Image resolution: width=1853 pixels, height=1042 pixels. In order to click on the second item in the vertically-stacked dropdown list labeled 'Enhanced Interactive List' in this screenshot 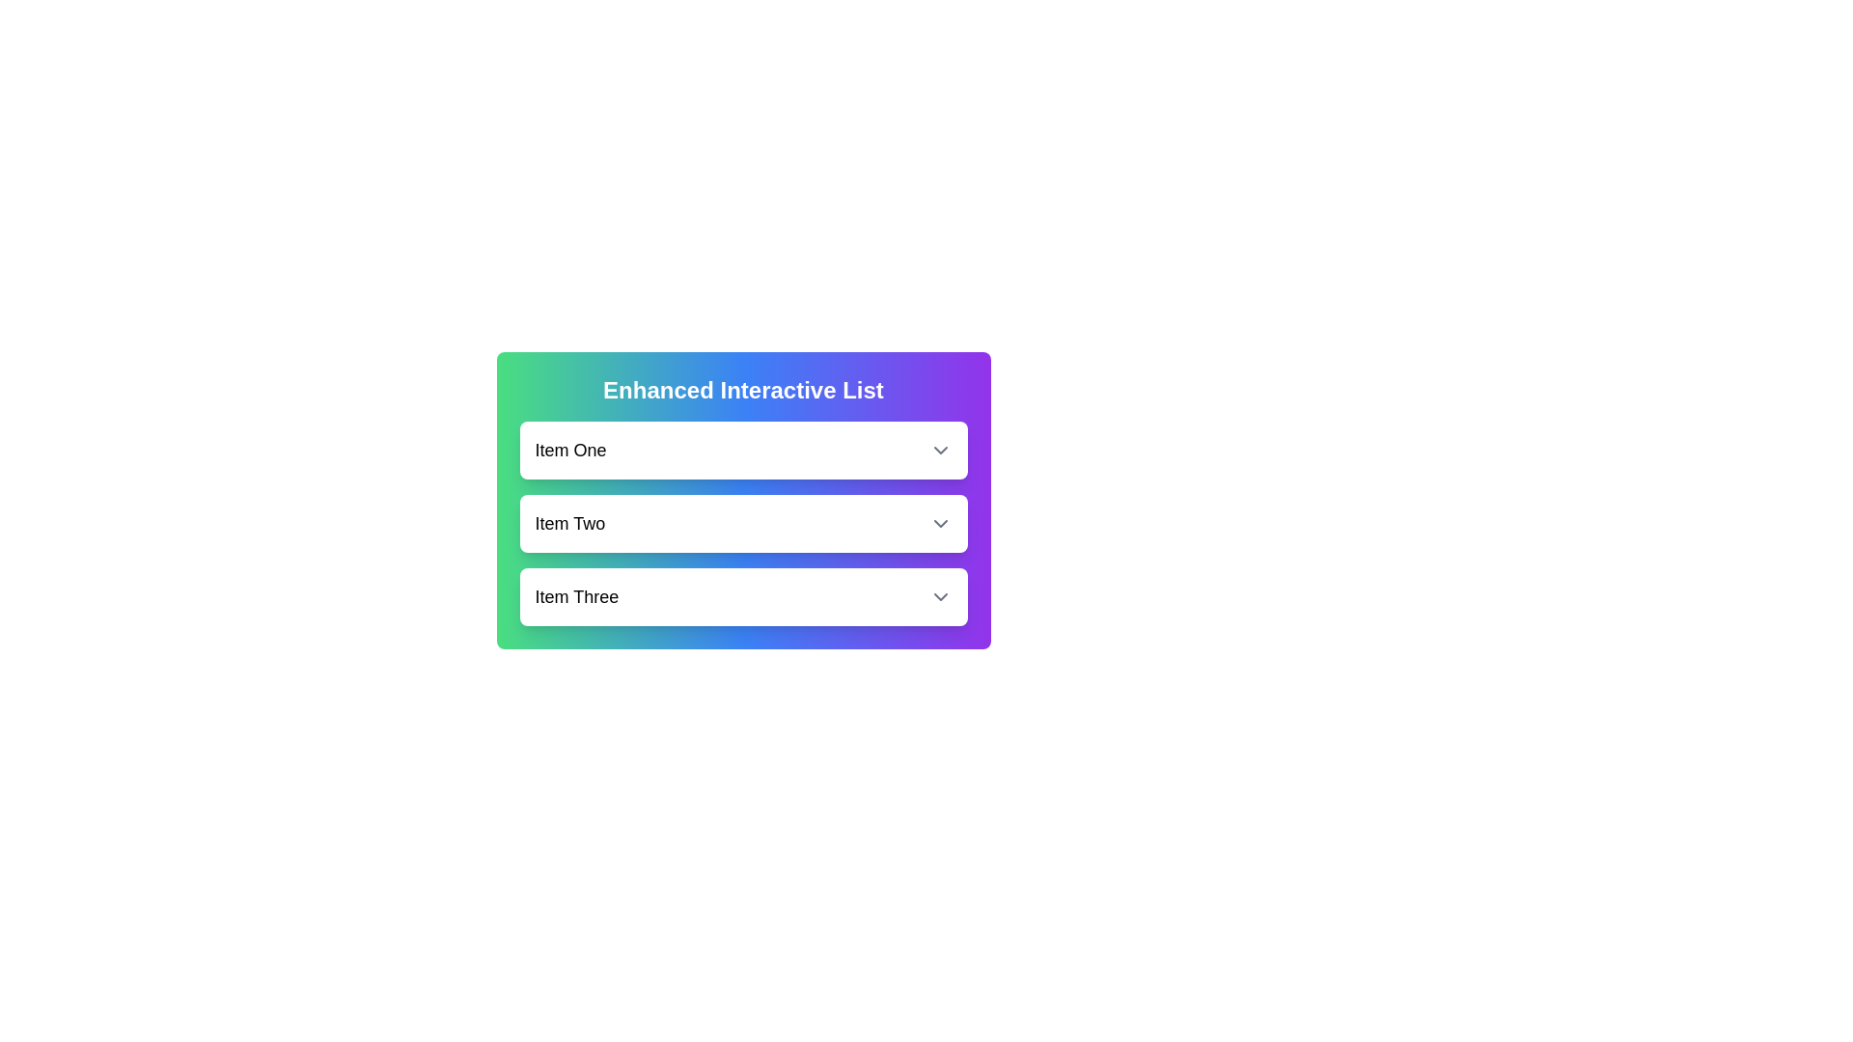, I will do `click(742, 524)`.